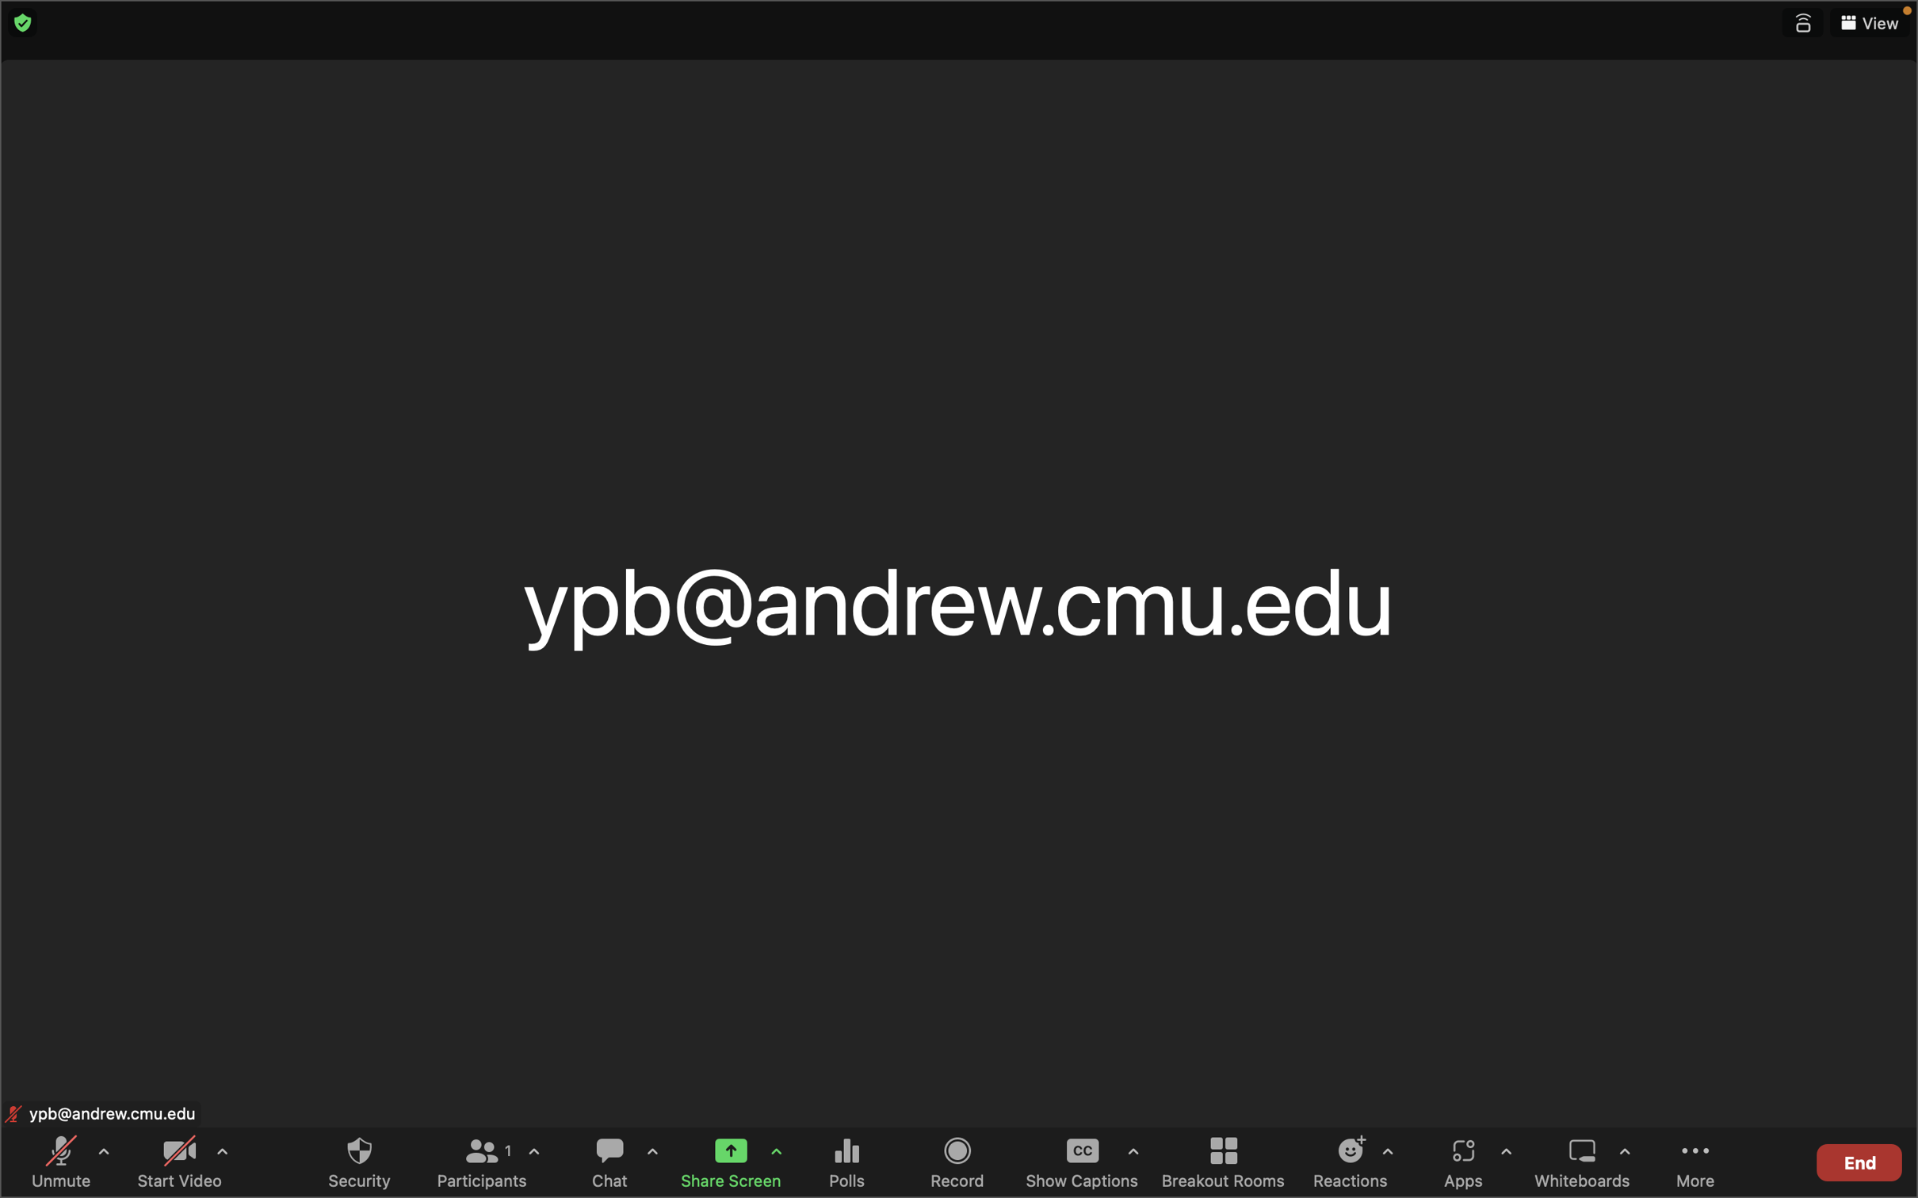 The height and width of the screenshot is (1198, 1918). Describe the element at coordinates (725, 1159) in the screenshot. I see `the process of sharing your screen` at that location.